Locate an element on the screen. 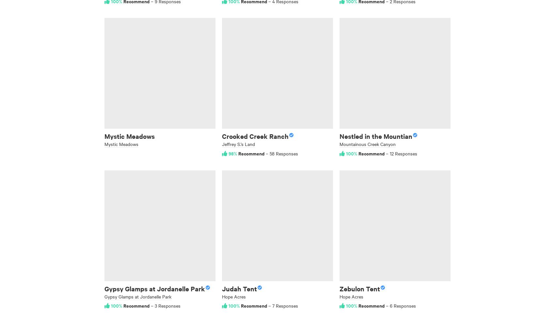  'Zebulon Tent' is located at coordinates (359, 288).